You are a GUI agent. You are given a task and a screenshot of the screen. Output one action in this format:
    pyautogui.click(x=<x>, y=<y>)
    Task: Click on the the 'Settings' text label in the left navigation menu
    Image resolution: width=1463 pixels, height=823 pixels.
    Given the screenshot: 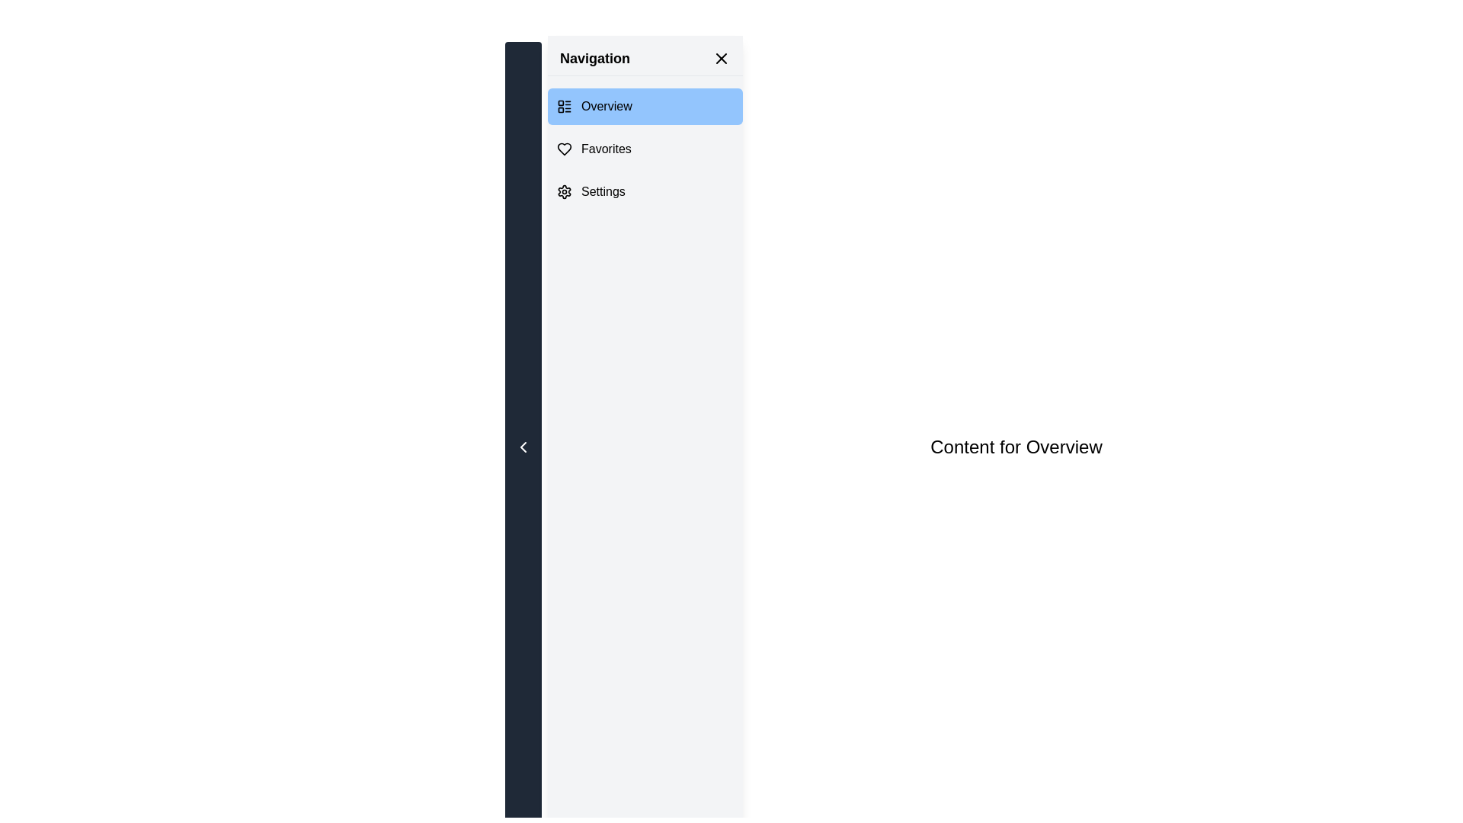 What is the action you would take?
    pyautogui.click(x=603, y=191)
    